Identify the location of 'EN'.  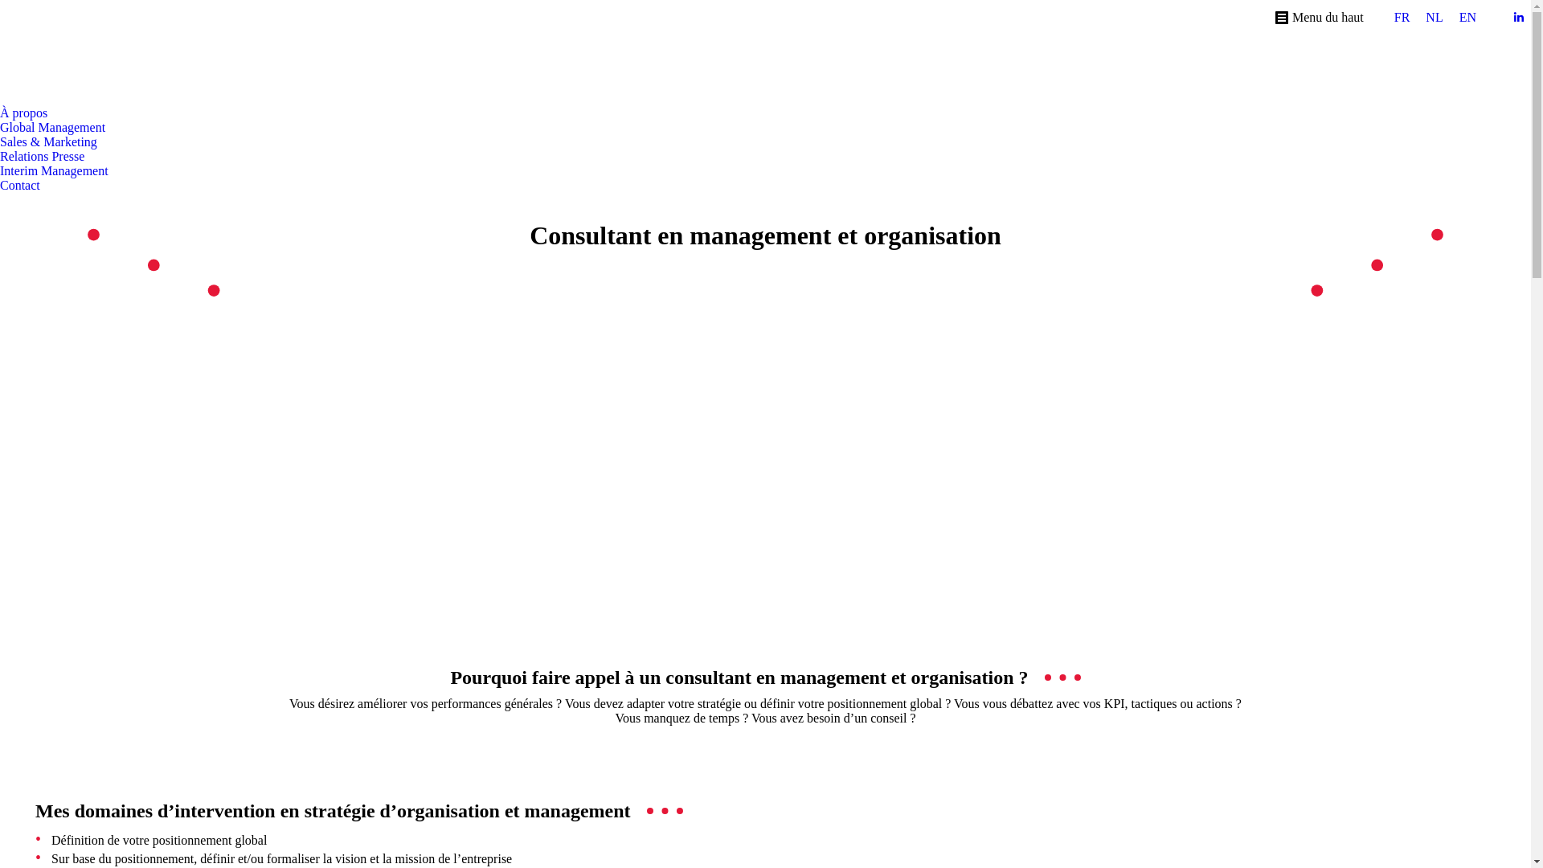
(1467, 18).